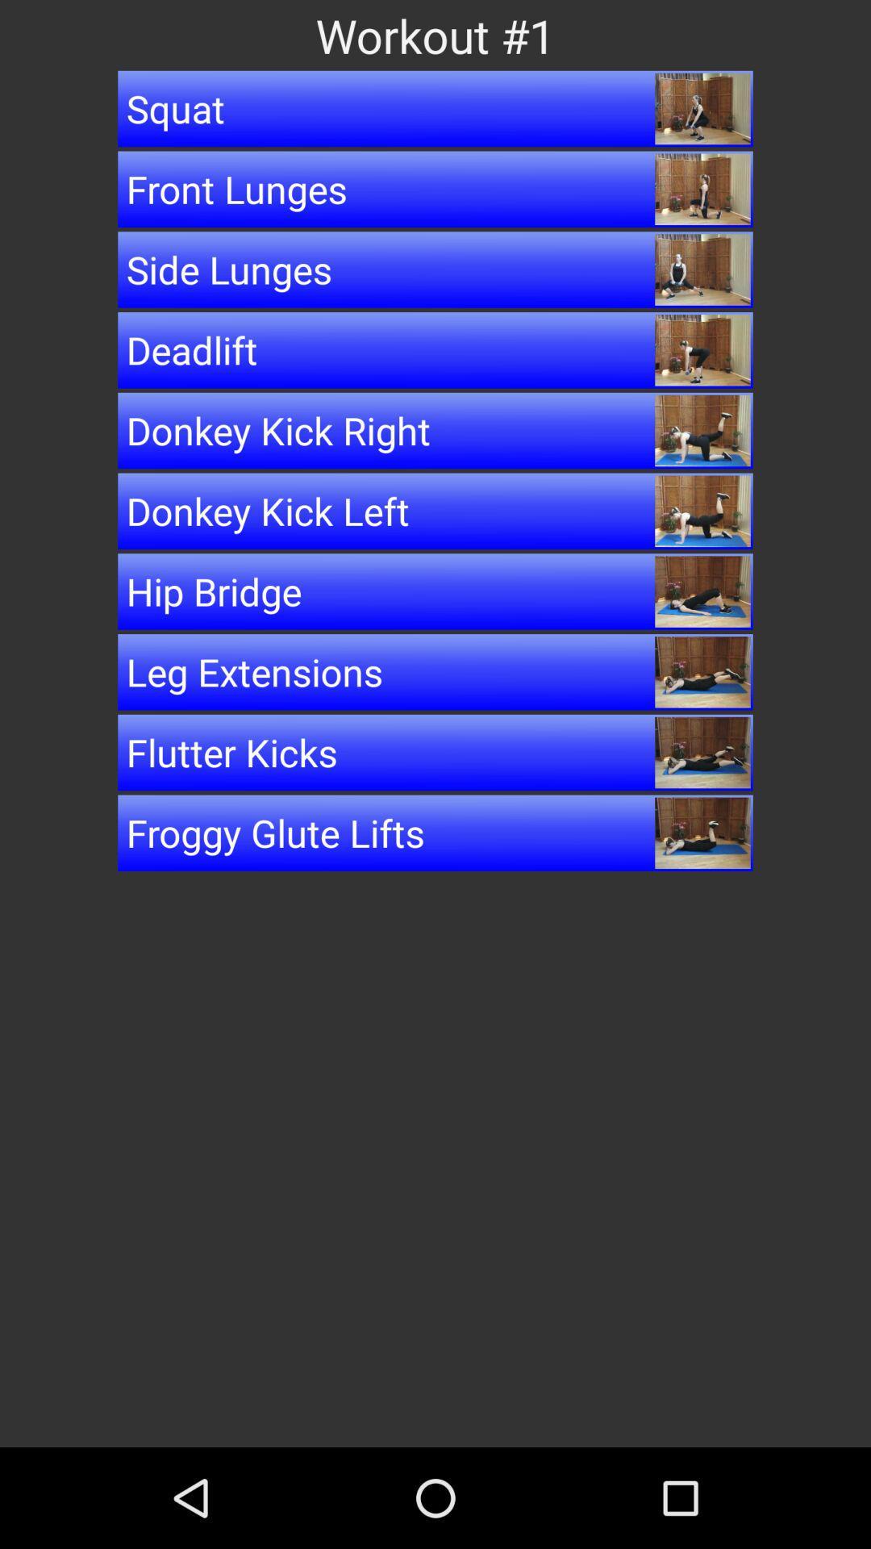 This screenshot has height=1549, width=871. Describe the element at coordinates (435, 269) in the screenshot. I see `side lunges icon` at that location.